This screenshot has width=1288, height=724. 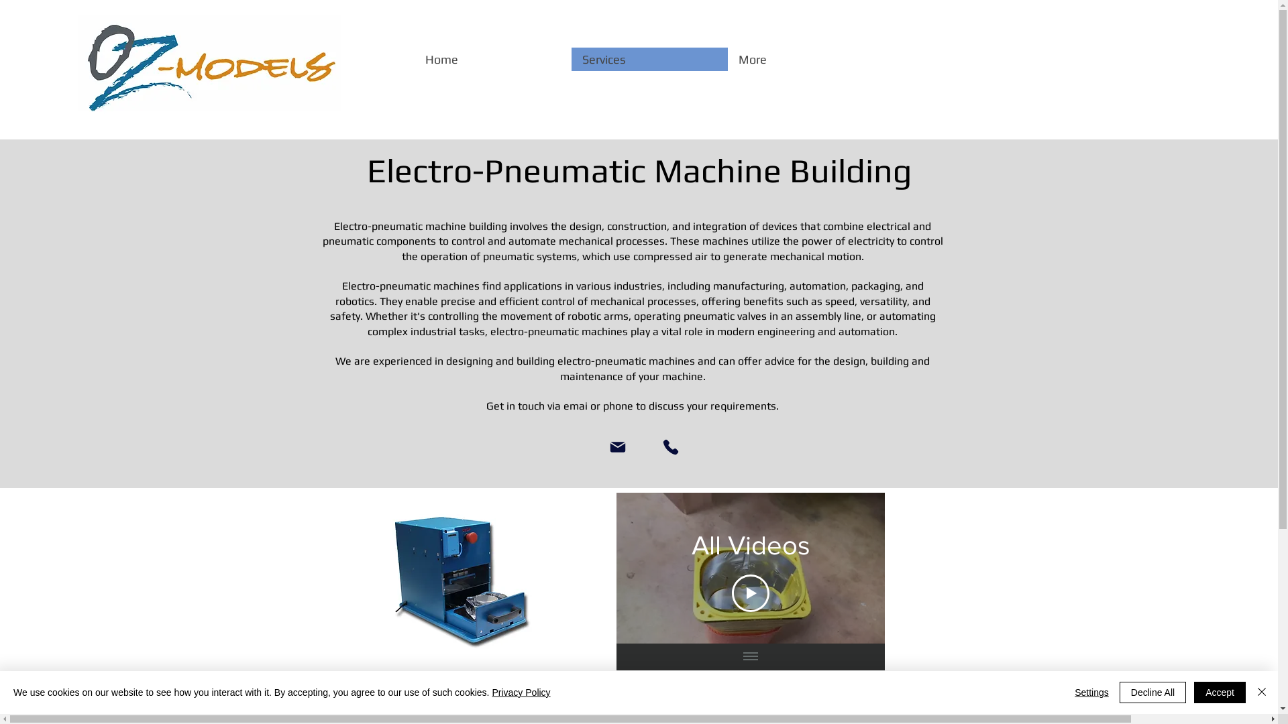 I want to click on 'Accept', so click(x=1220, y=692).